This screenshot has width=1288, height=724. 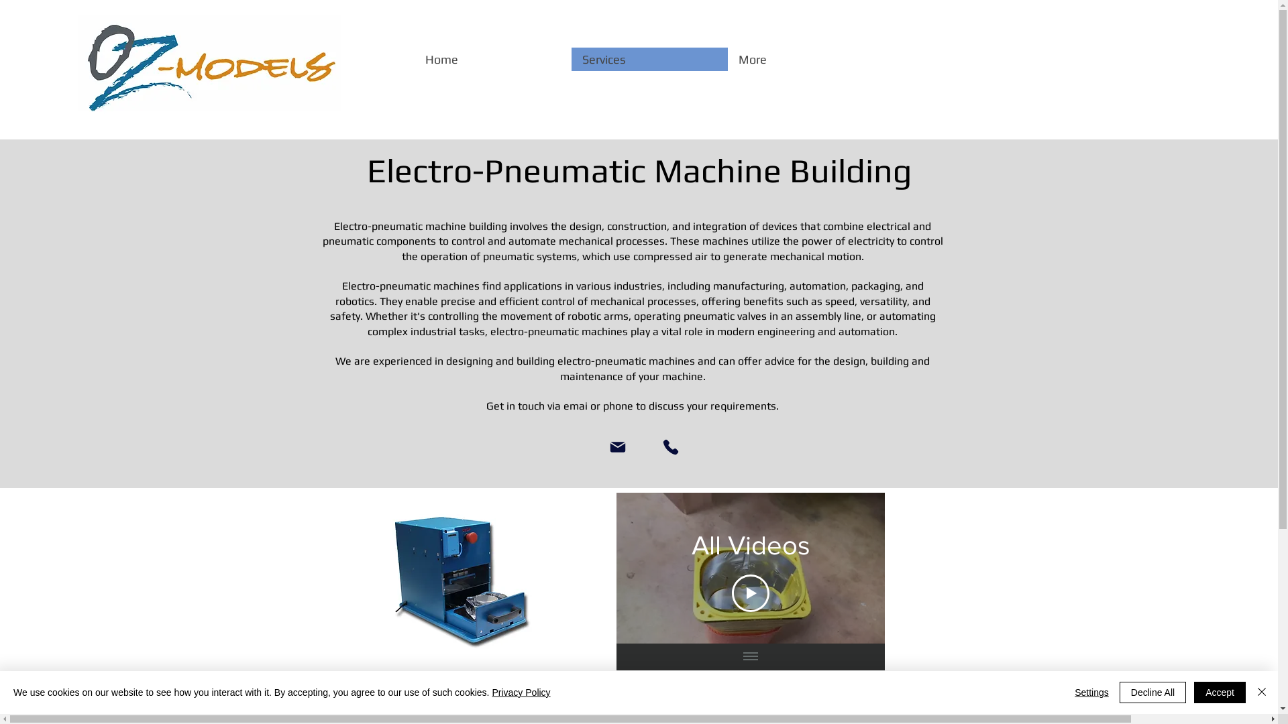 I want to click on 'Accept', so click(x=1220, y=692).